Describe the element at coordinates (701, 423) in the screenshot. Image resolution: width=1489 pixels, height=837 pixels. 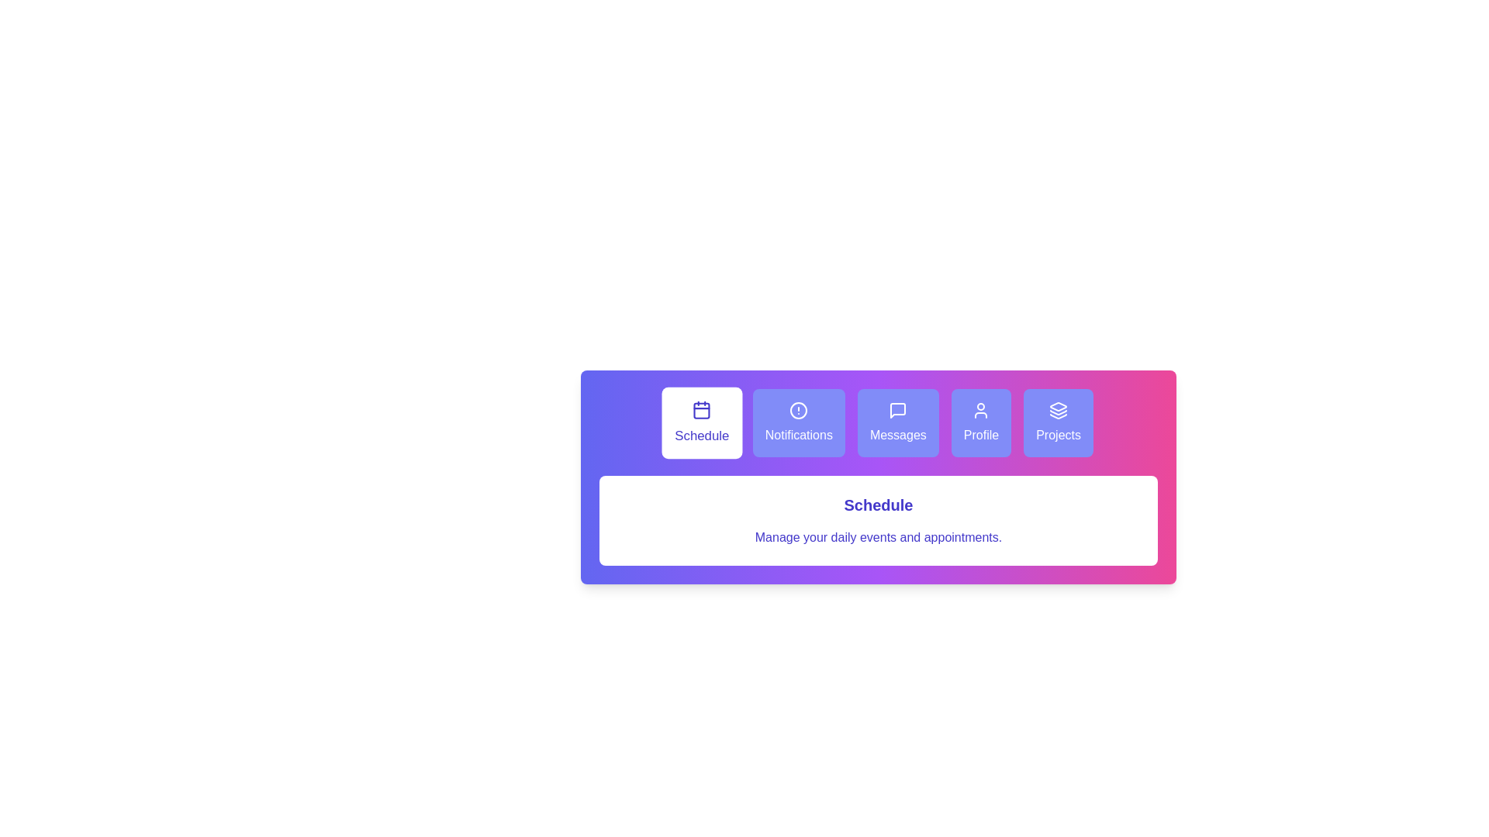
I see `the Schedule tab to switch to its content` at that location.